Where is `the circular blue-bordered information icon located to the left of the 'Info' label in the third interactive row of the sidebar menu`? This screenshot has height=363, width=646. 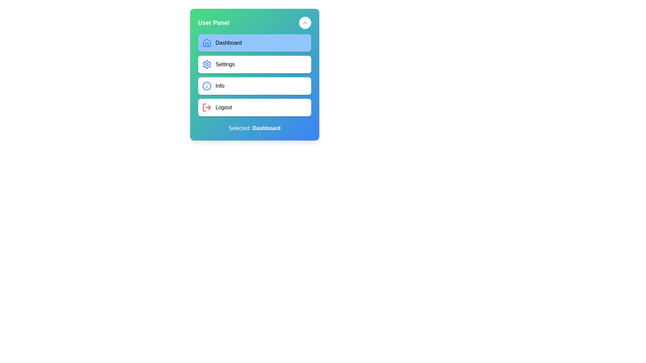 the circular blue-bordered information icon located to the left of the 'Info' label in the third interactive row of the sidebar menu is located at coordinates (206, 85).